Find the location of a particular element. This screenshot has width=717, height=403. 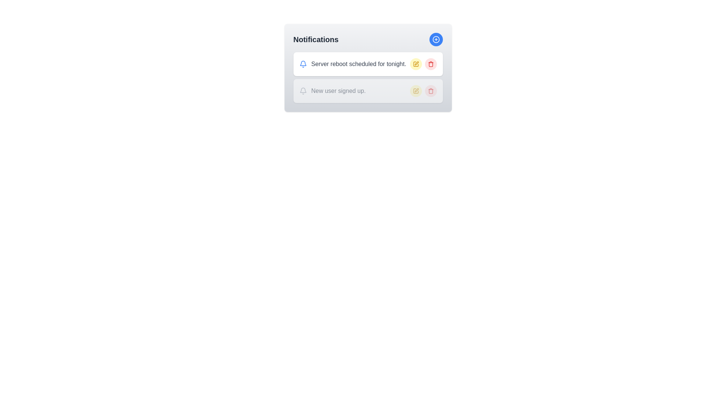

the interactive button for adding a new notification located at the far right of the 'Notifications' card header section is located at coordinates (436, 39).